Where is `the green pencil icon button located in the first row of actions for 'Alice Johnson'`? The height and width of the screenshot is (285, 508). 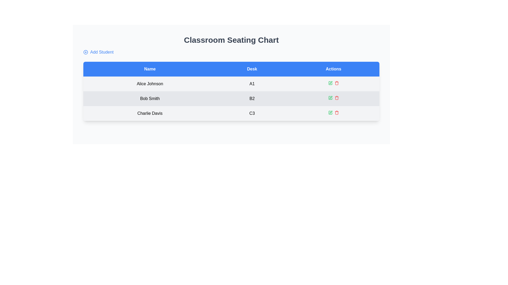
the green pencil icon button located in the first row of actions for 'Alice Johnson' is located at coordinates (330, 83).